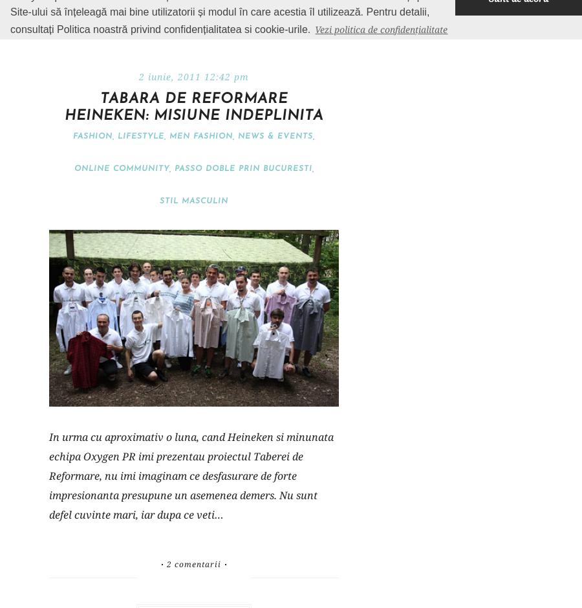 The width and height of the screenshot is (582, 608). I want to click on 'Vezi politica de confidențialitate', so click(381, 28).